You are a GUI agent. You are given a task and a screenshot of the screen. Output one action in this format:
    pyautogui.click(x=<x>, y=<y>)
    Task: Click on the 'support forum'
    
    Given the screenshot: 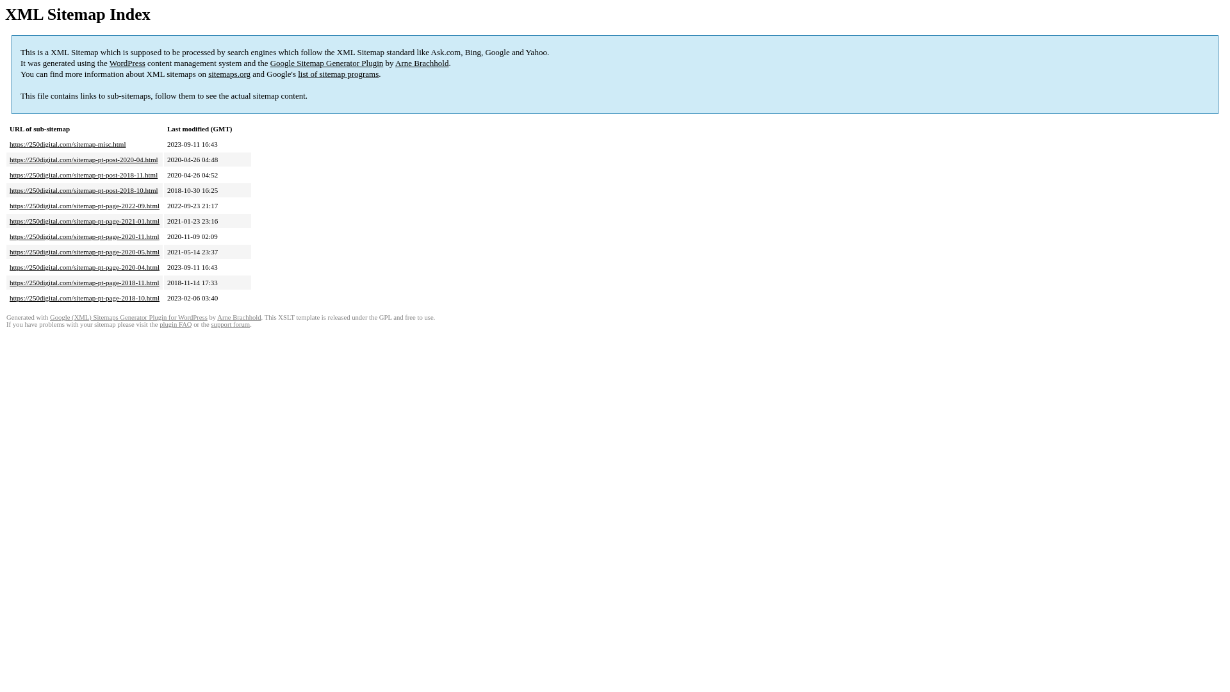 What is the action you would take?
    pyautogui.click(x=230, y=324)
    